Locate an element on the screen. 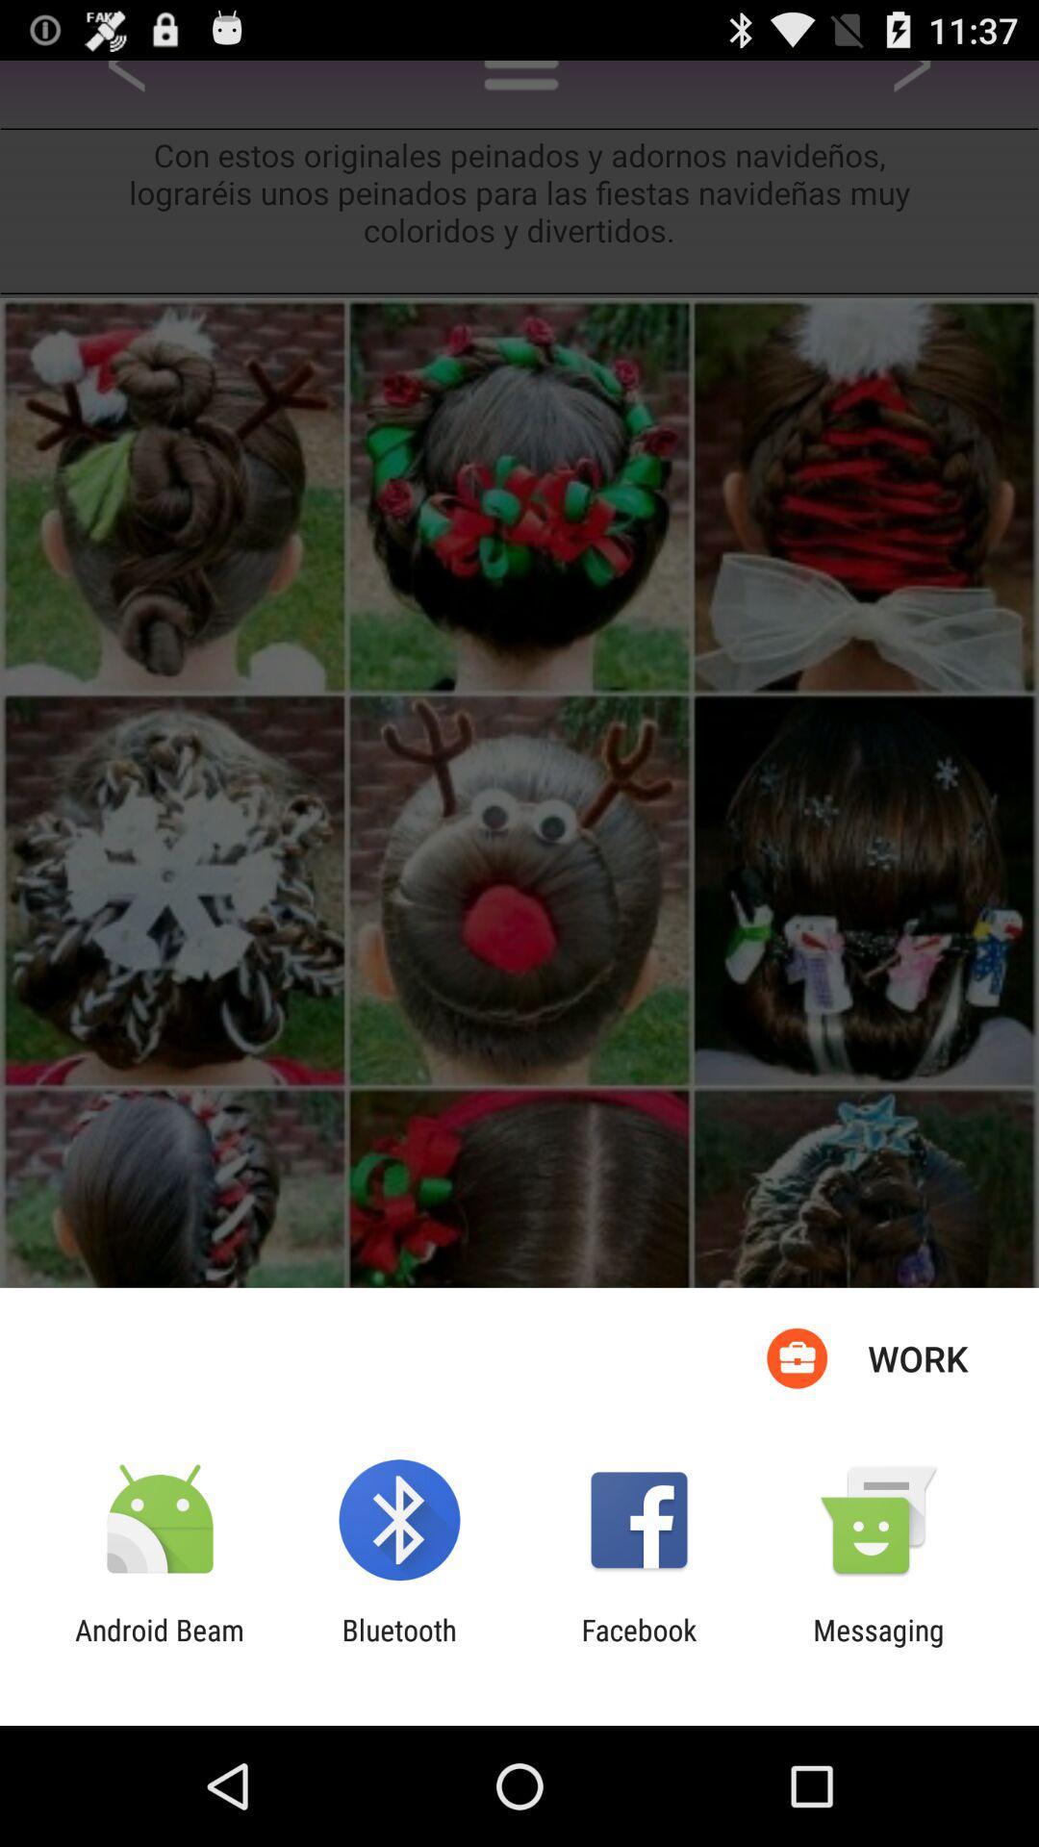 The width and height of the screenshot is (1039, 1847). the item next to the messaging app is located at coordinates (639, 1646).